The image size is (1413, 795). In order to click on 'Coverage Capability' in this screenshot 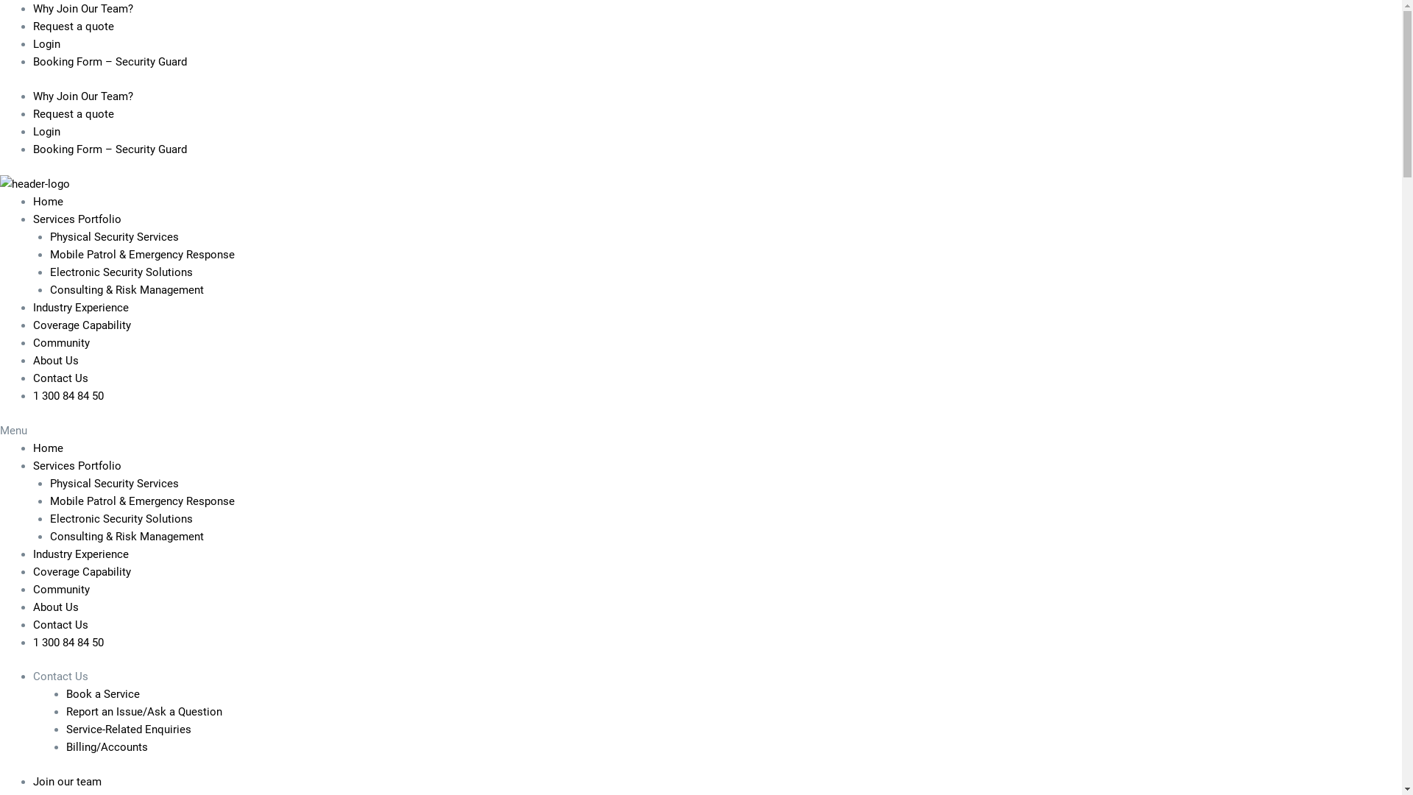, I will do `click(81, 570)`.